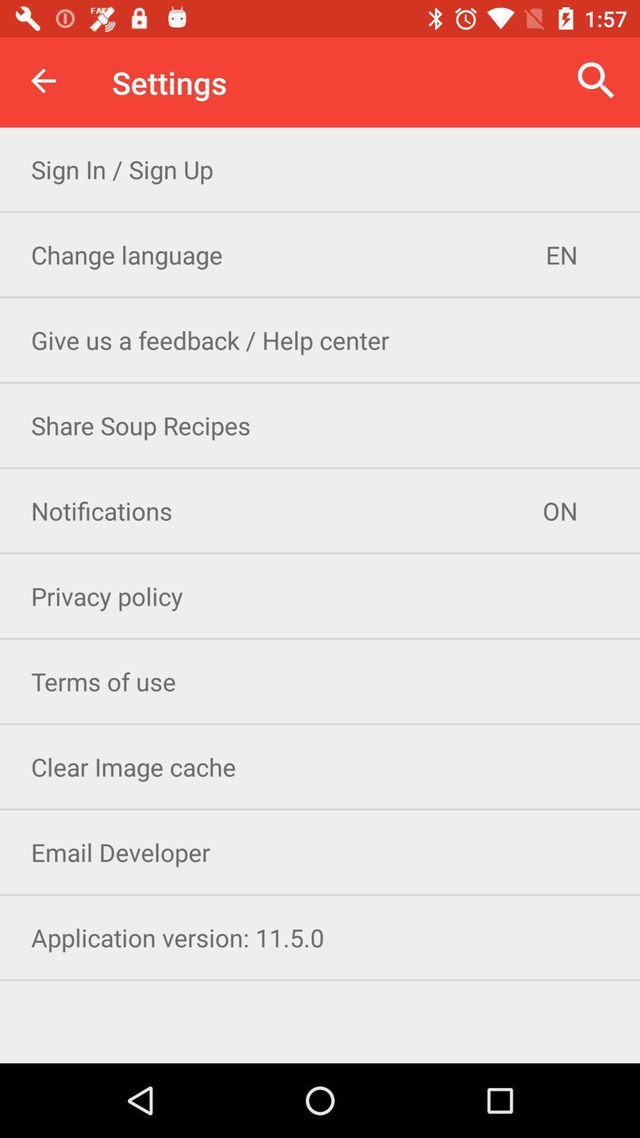  Describe the element at coordinates (320, 681) in the screenshot. I see `the terms of use item` at that location.